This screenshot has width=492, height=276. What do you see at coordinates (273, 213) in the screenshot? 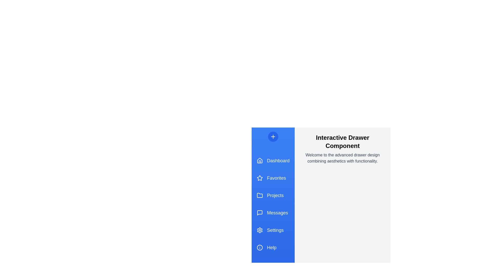
I see `the menu item Messages in the drawer` at bounding box center [273, 213].